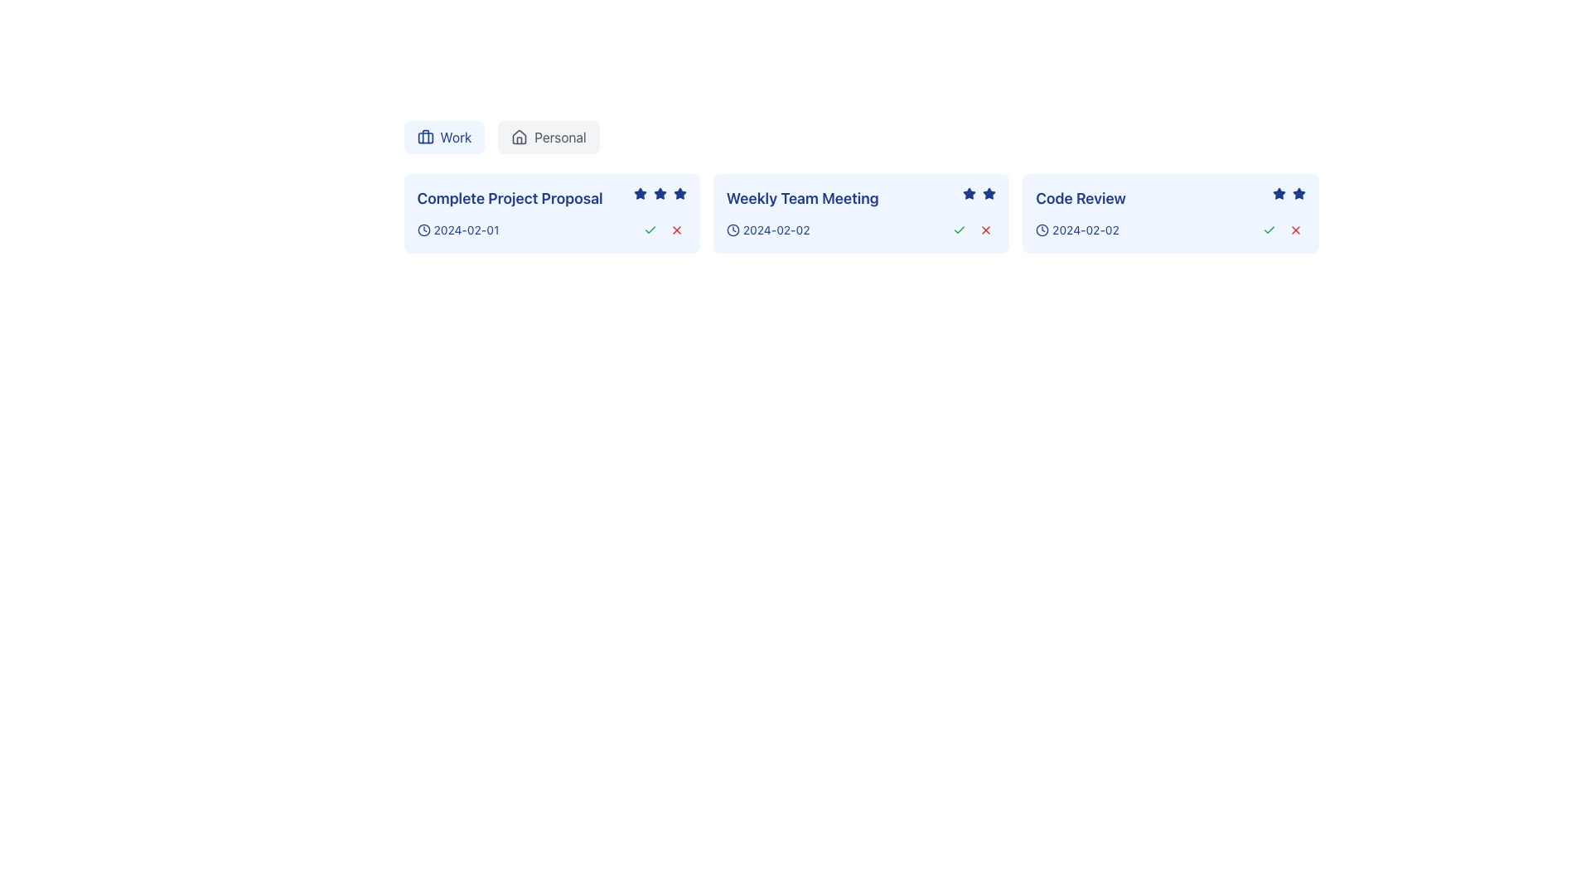  Describe the element at coordinates (679, 193) in the screenshot. I see `the fifth star-shaped icon with a blue fill, which serves as a selection or highlight indicator, in a horizontal alignment of similar icons` at that location.